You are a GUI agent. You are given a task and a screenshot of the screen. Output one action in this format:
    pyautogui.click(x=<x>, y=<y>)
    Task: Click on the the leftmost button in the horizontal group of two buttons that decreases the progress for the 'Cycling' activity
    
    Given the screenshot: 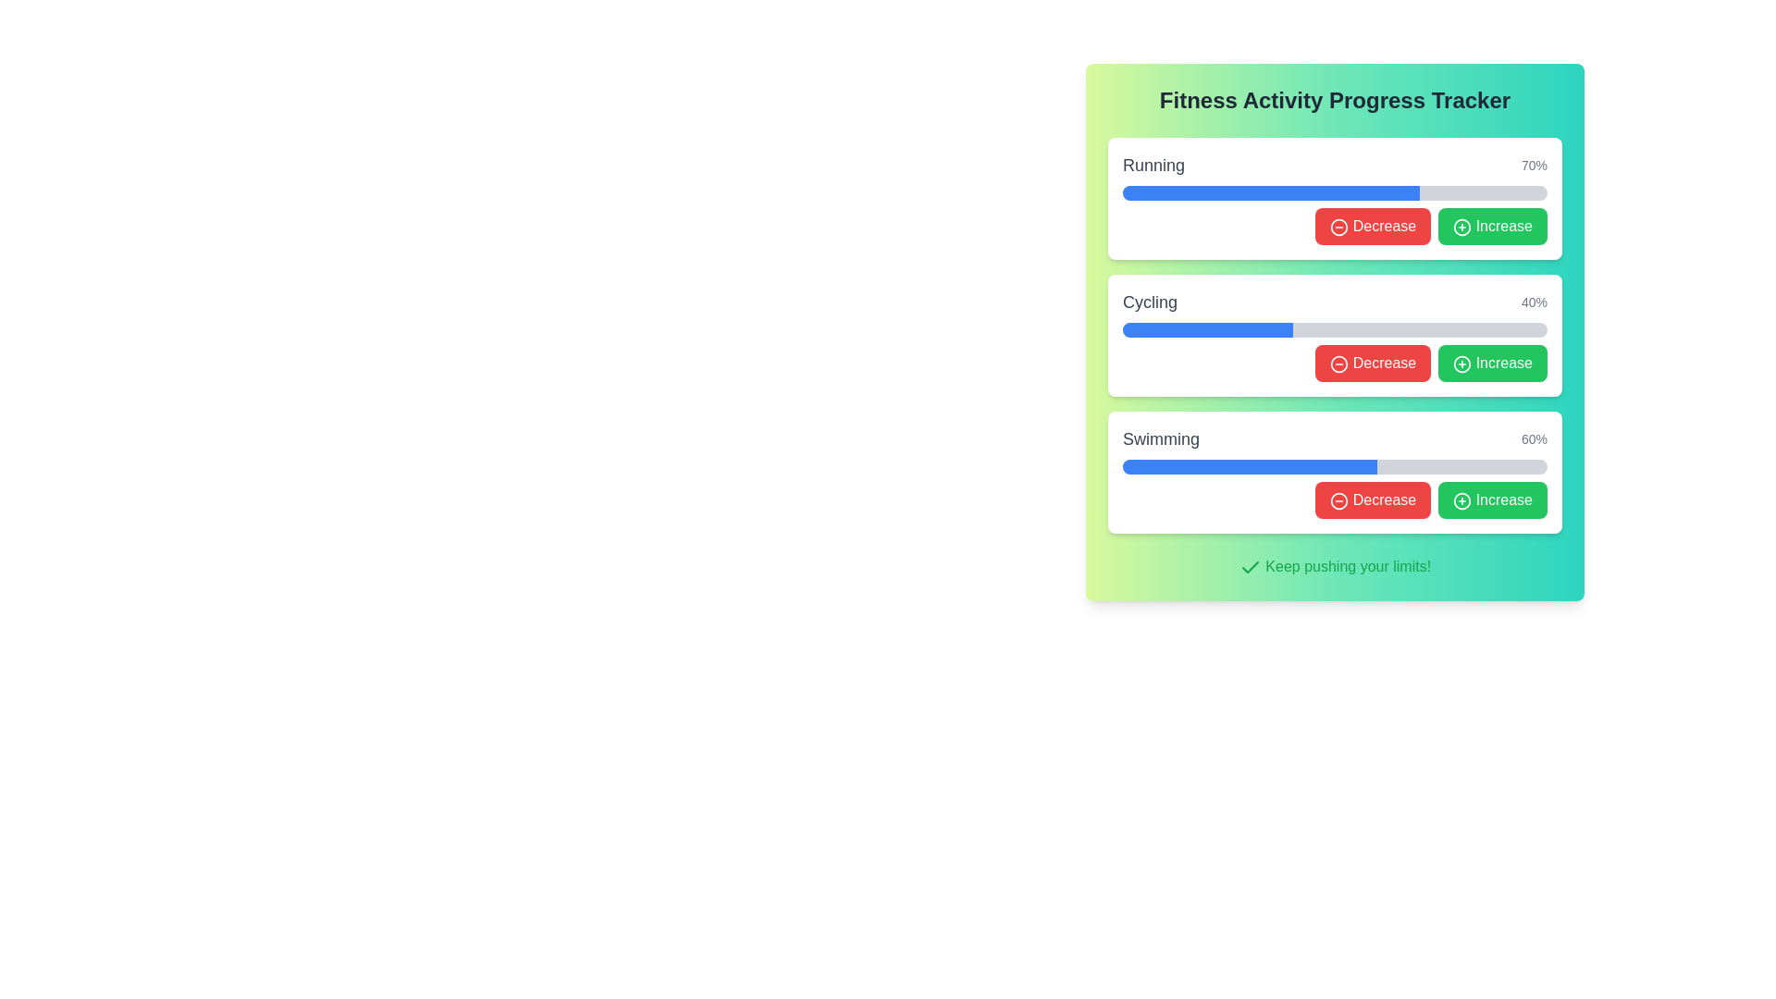 What is the action you would take?
    pyautogui.click(x=1373, y=364)
    